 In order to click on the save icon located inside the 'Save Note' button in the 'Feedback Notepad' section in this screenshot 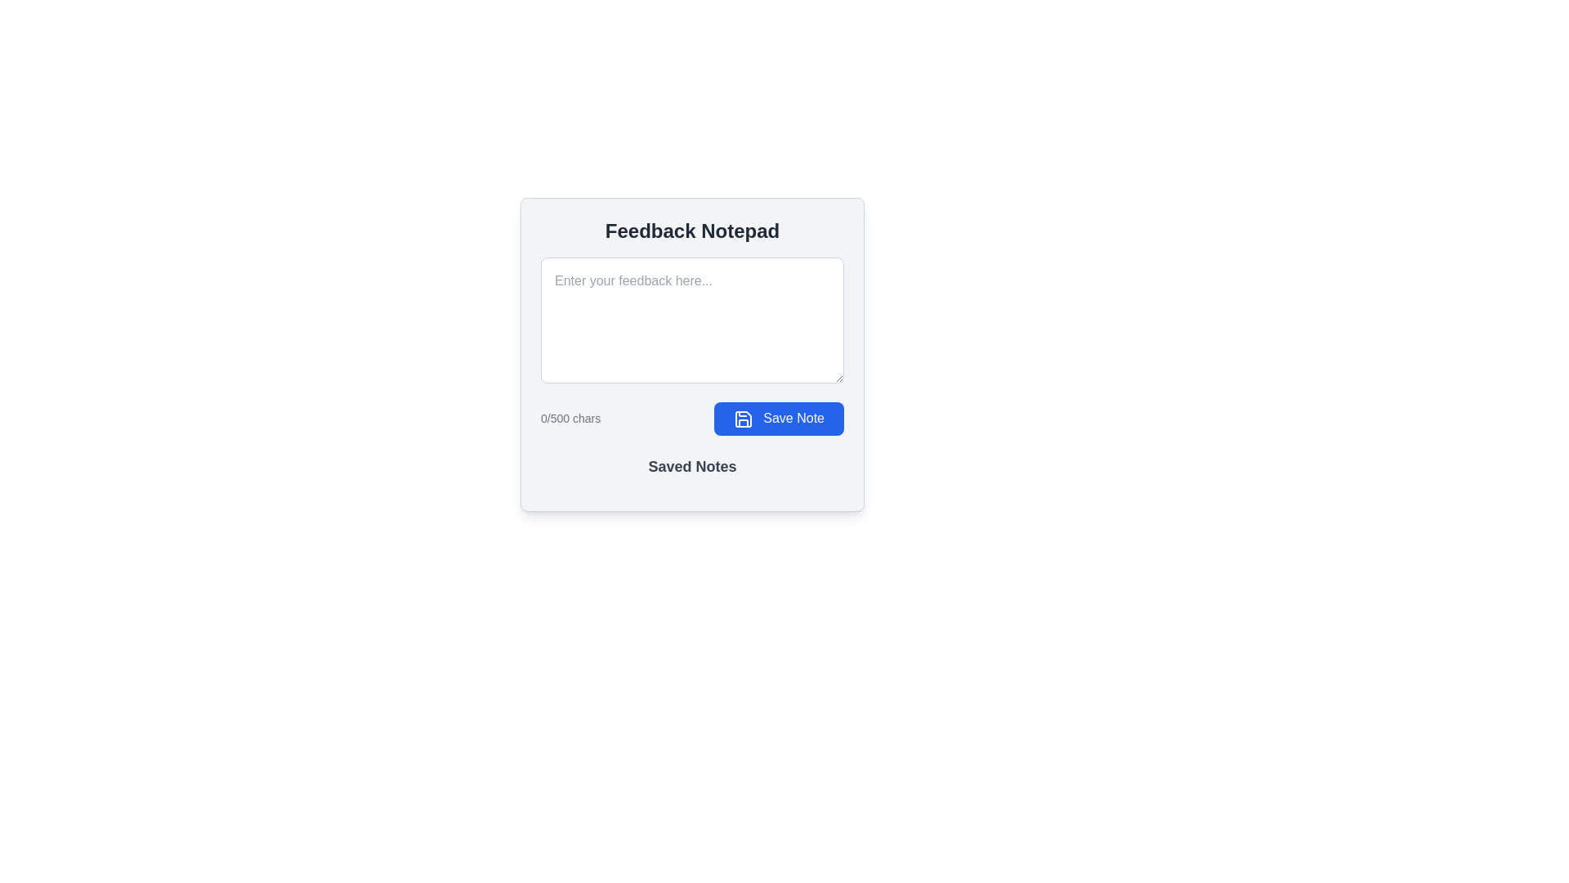, I will do `click(742, 418)`.